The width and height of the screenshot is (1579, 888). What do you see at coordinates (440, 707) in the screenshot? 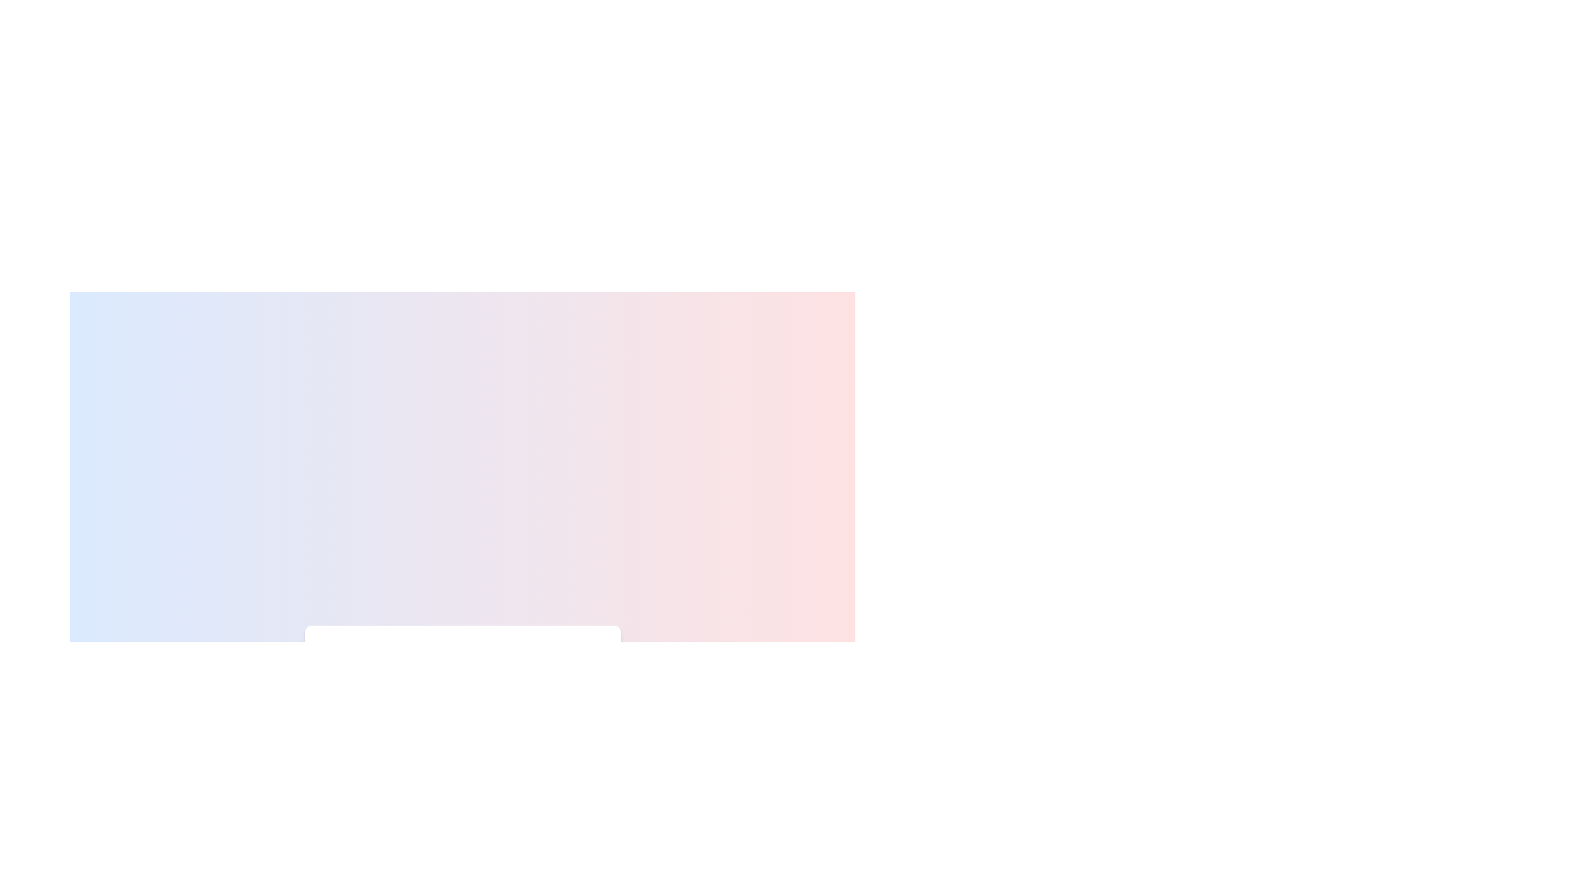
I see `the temperature slider to 42%` at bounding box center [440, 707].